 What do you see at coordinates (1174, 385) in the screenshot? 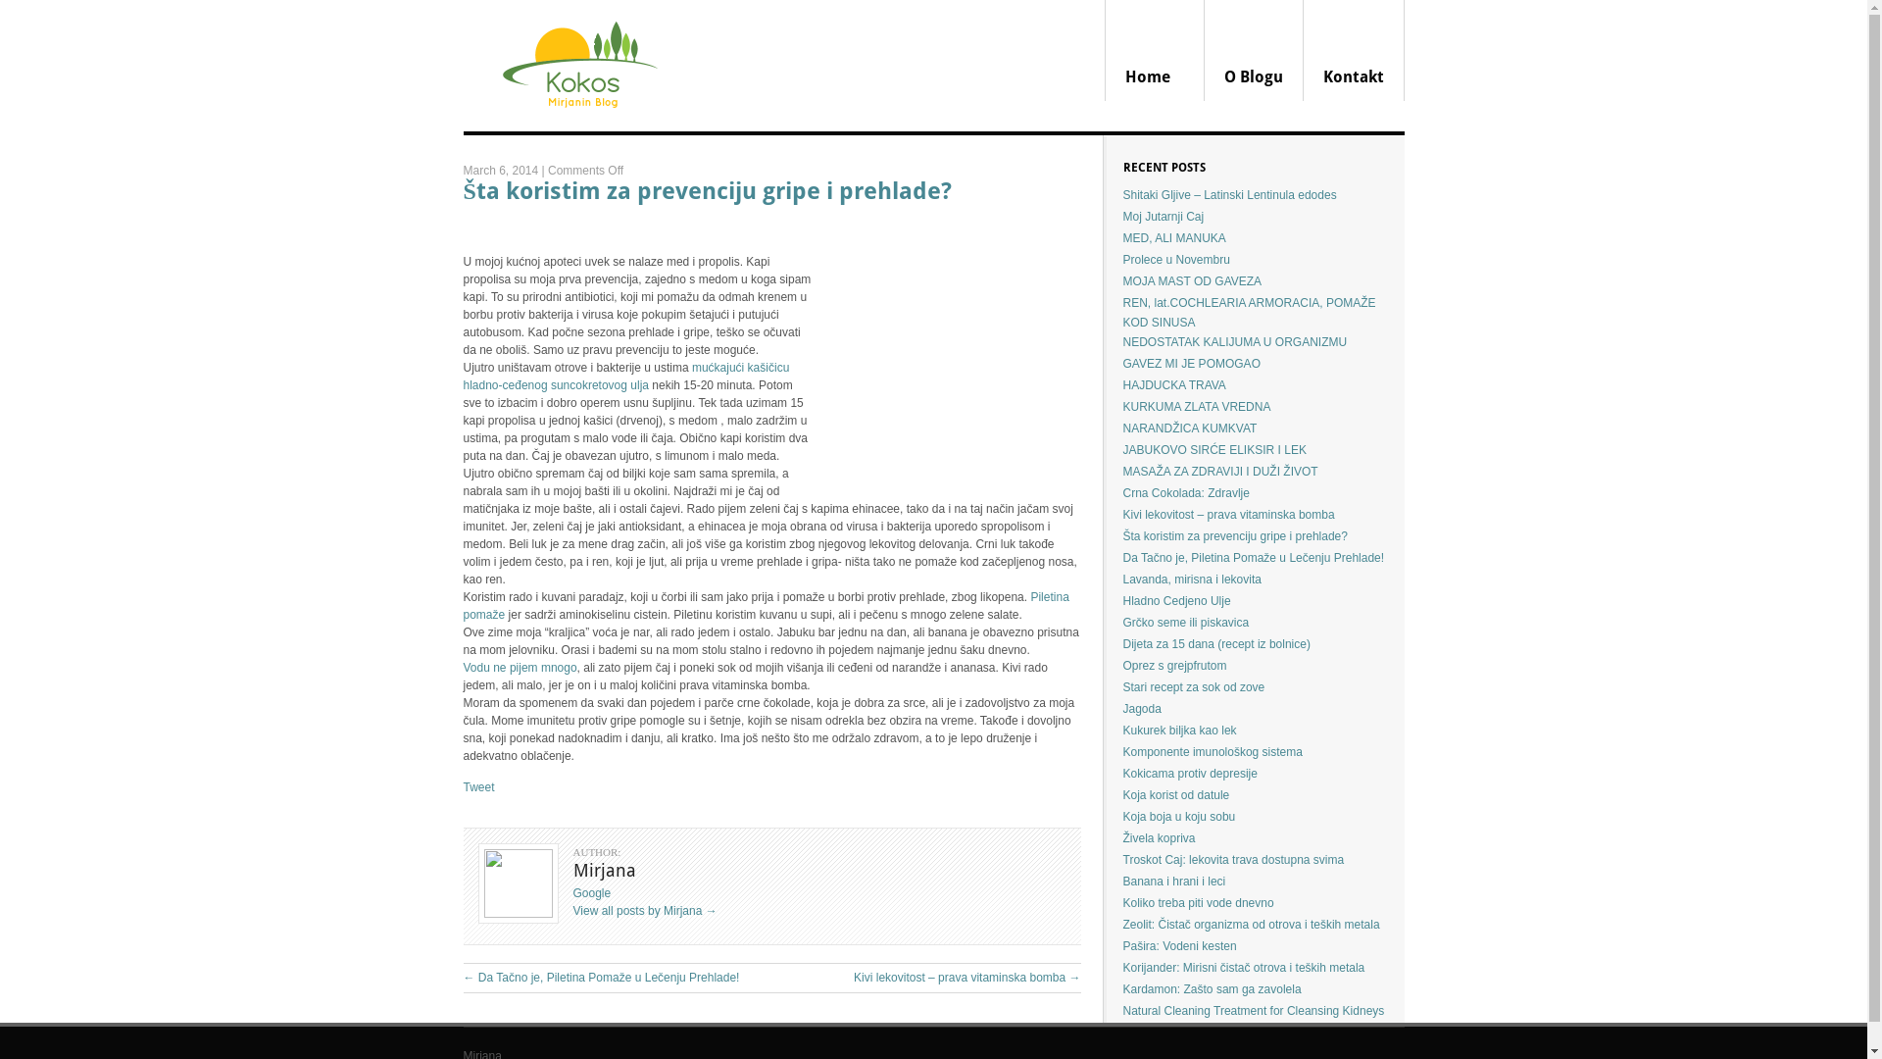
I see `'HAJDUCKA TRAVA'` at bounding box center [1174, 385].